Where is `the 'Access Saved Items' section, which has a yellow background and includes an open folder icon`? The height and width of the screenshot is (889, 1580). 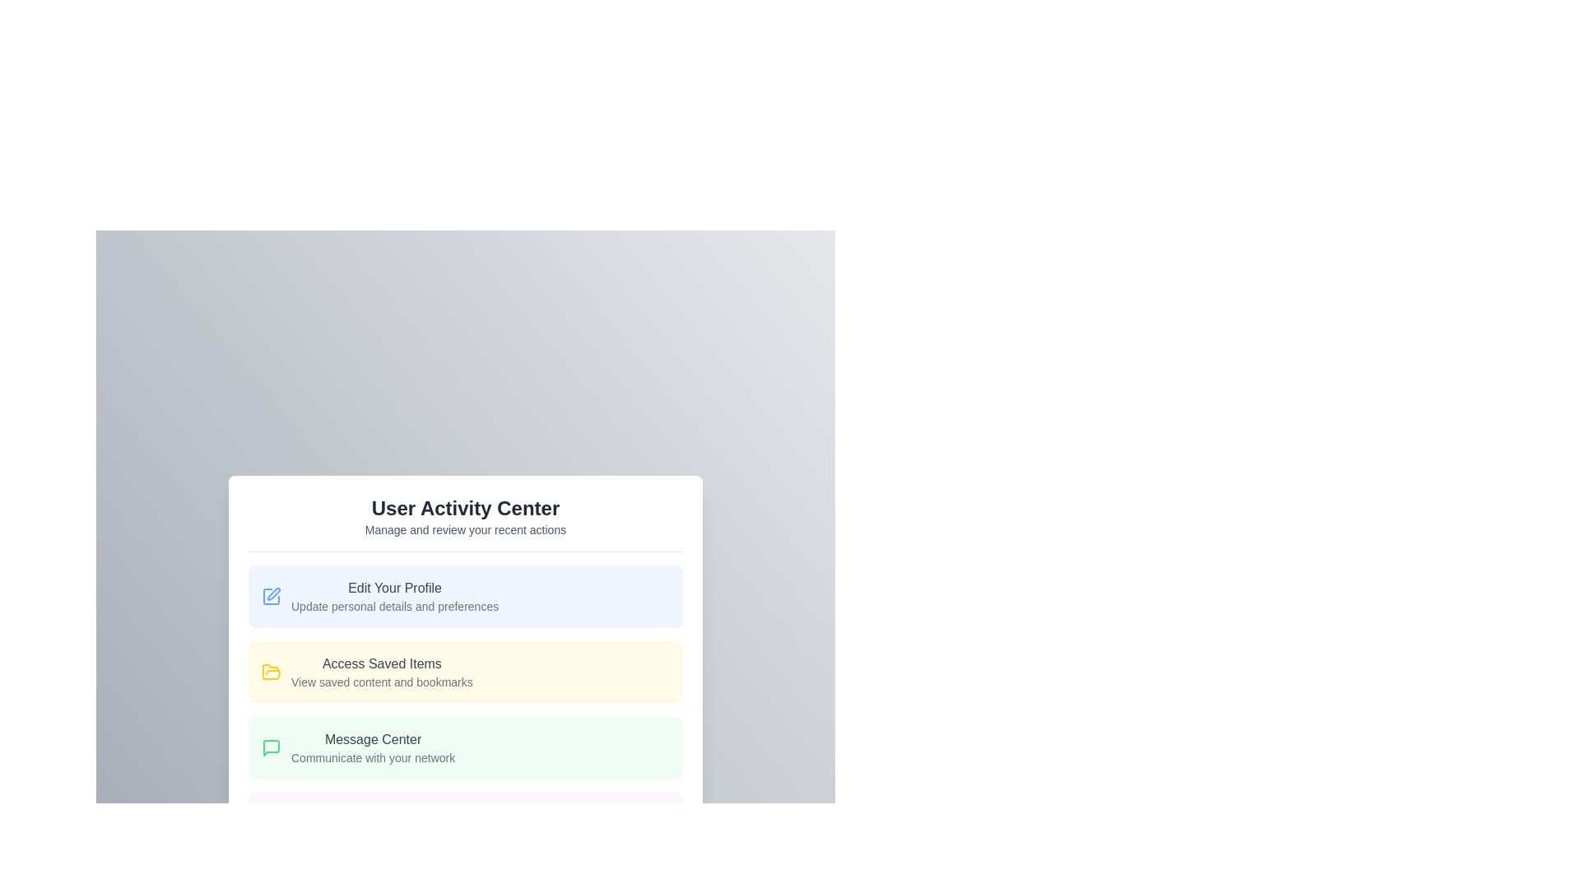
the 'Access Saved Items' section, which has a yellow background and includes an open folder icon is located at coordinates (465, 675).